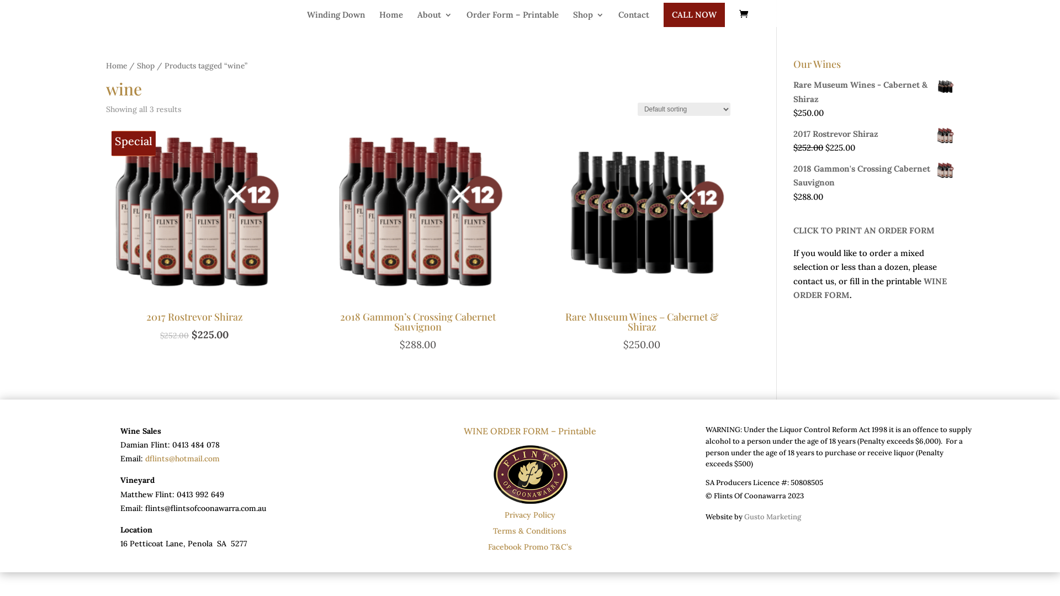 The width and height of the screenshot is (1060, 596). Describe the element at coordinates (529, 530) in the screenshot. I see `'Terms & Conditions'` at that location.